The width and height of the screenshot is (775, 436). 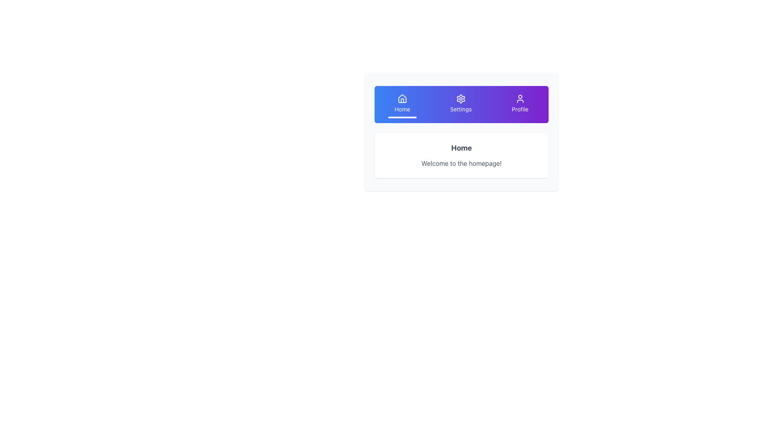 I want to click on the Profile icon located in the top-right navigation bar, which is represented by a user silhouette outline on a purple background, so click(x=520, y=99).